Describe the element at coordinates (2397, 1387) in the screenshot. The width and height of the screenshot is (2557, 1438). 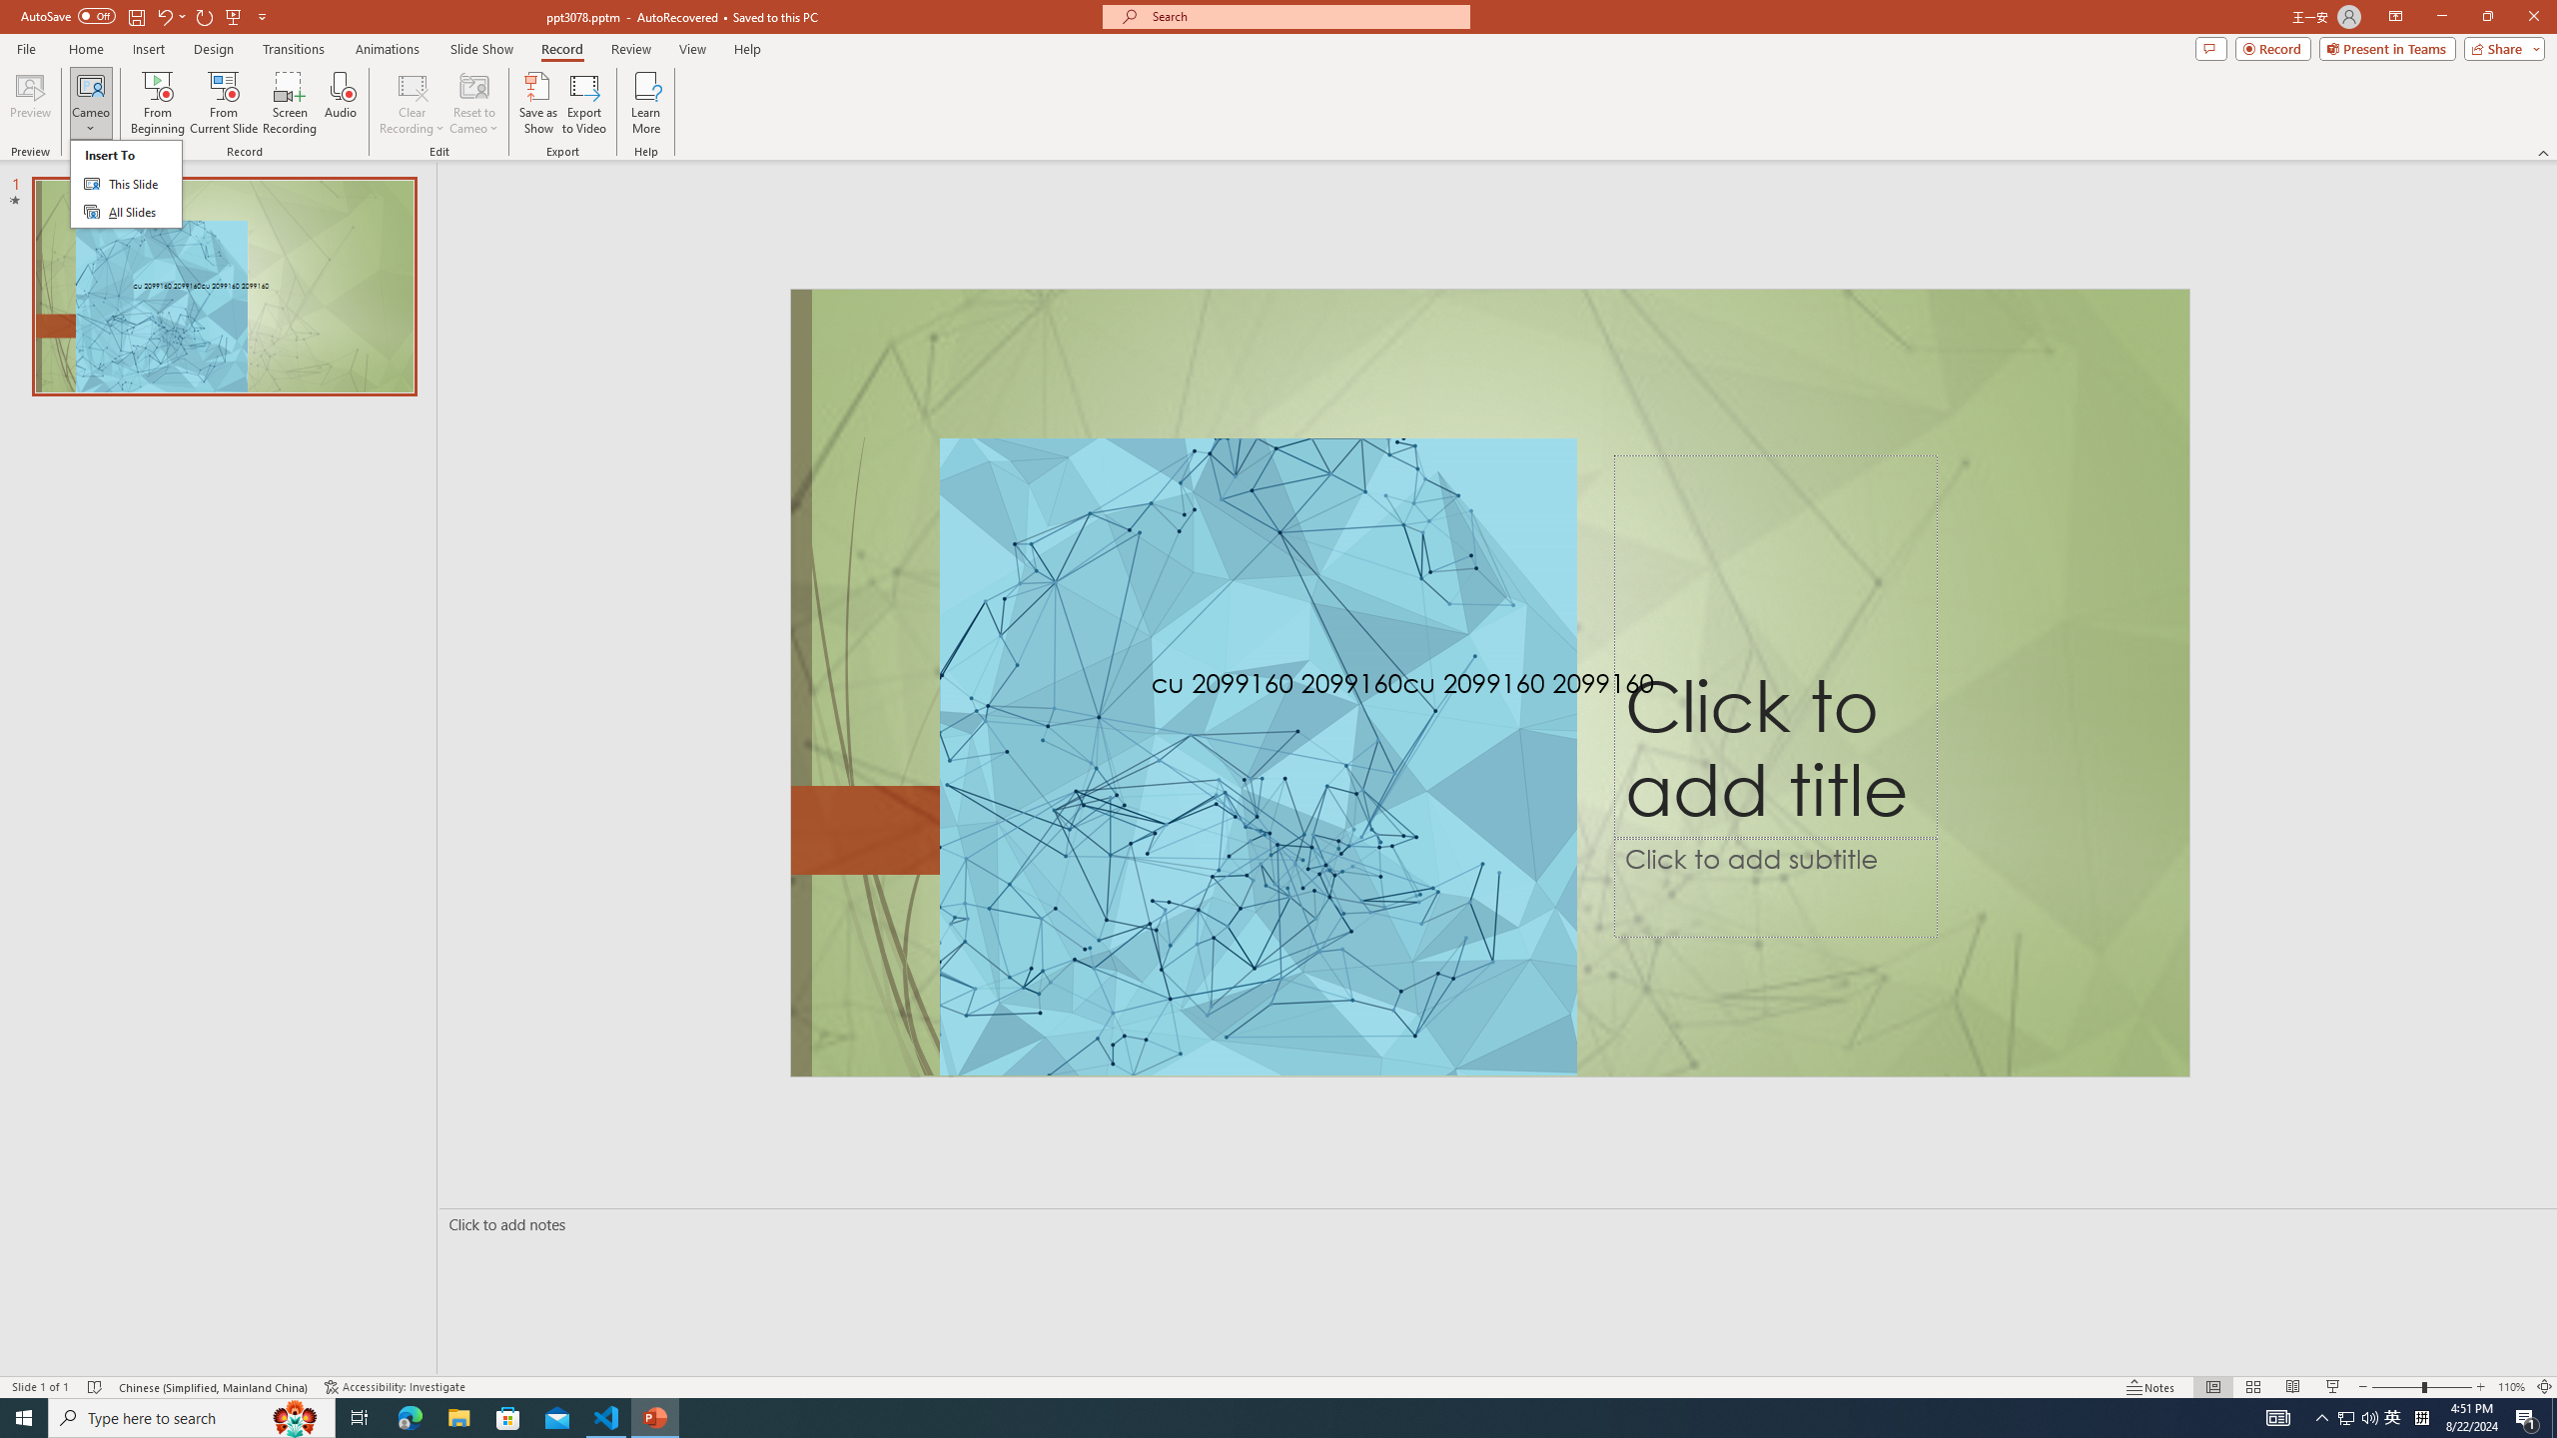
I see `'Zoom Out'` at that location.